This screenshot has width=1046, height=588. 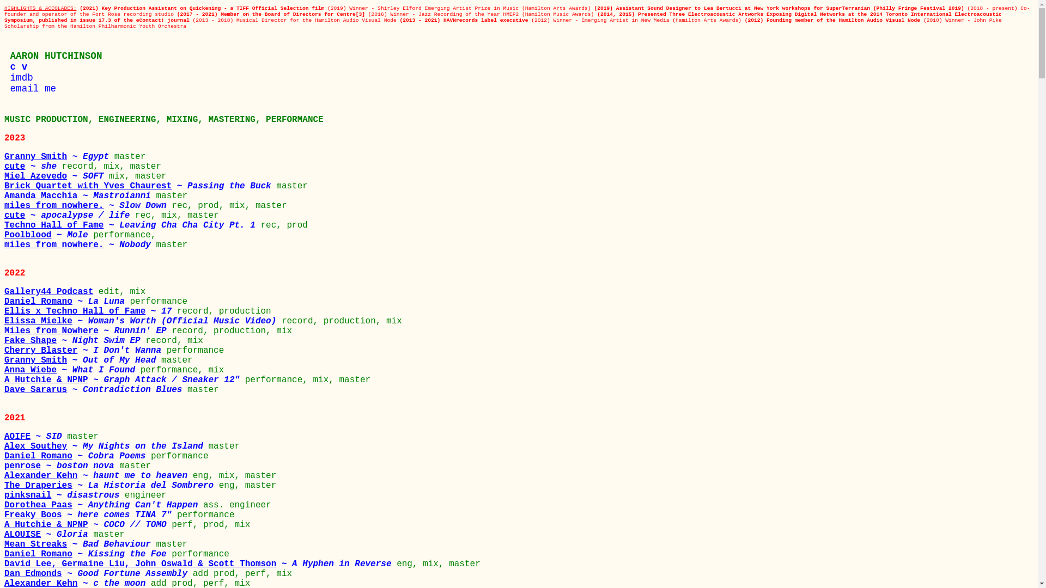 I want to click on 'penrose ~ boston nova', so click(x=61, y=465).